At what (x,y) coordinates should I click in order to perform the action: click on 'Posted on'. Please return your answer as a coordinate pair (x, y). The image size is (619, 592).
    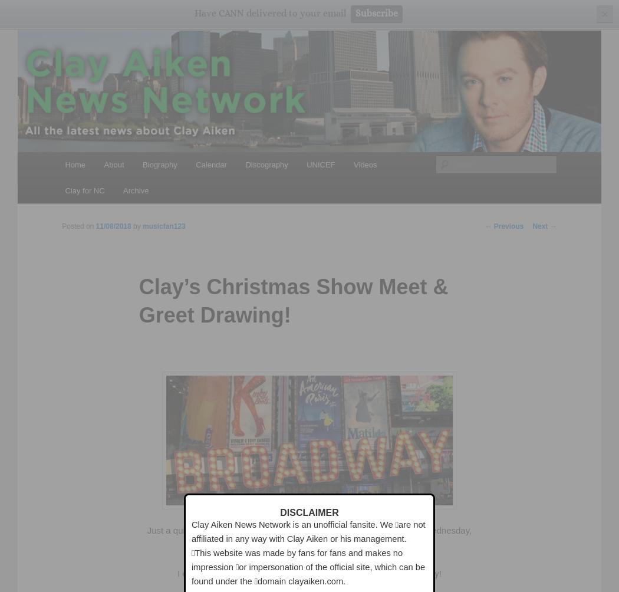
    Looking at the image, I should click on (62, 226).